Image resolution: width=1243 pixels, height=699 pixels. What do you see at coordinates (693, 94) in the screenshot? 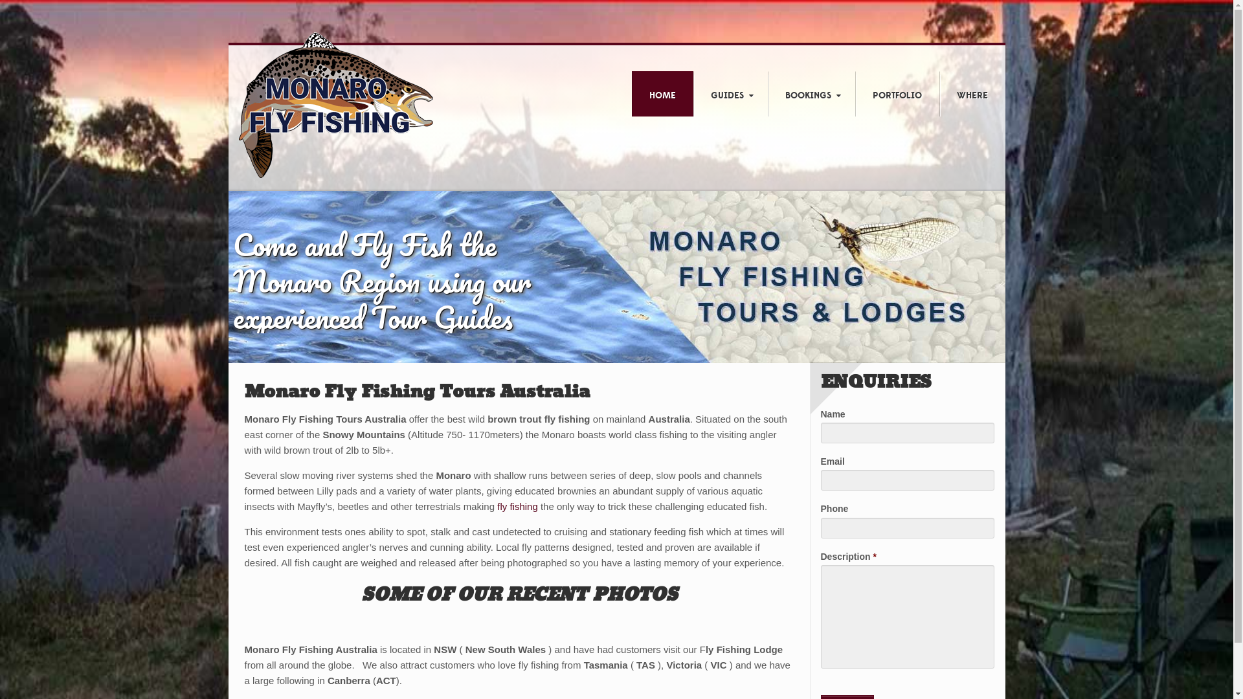
I see `'GUIDES'` at bounding box center [693, 94].